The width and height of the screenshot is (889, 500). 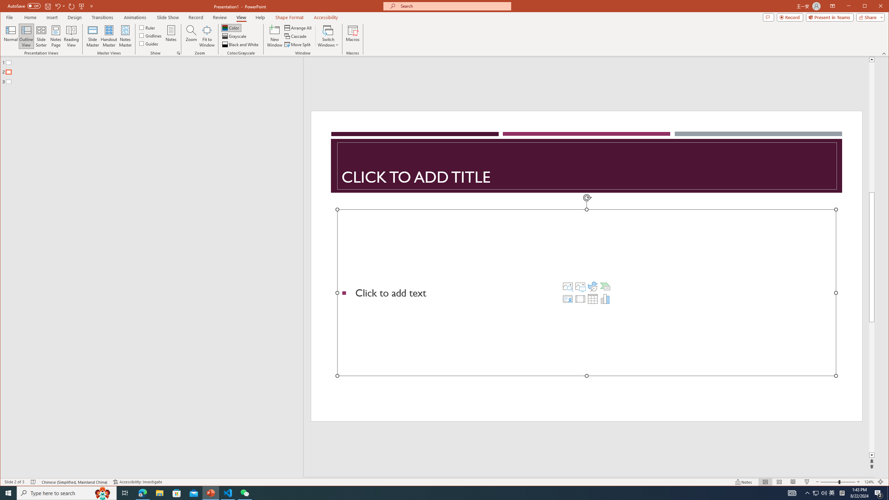 I want to click on 'Share', so click(x=869, y=17).